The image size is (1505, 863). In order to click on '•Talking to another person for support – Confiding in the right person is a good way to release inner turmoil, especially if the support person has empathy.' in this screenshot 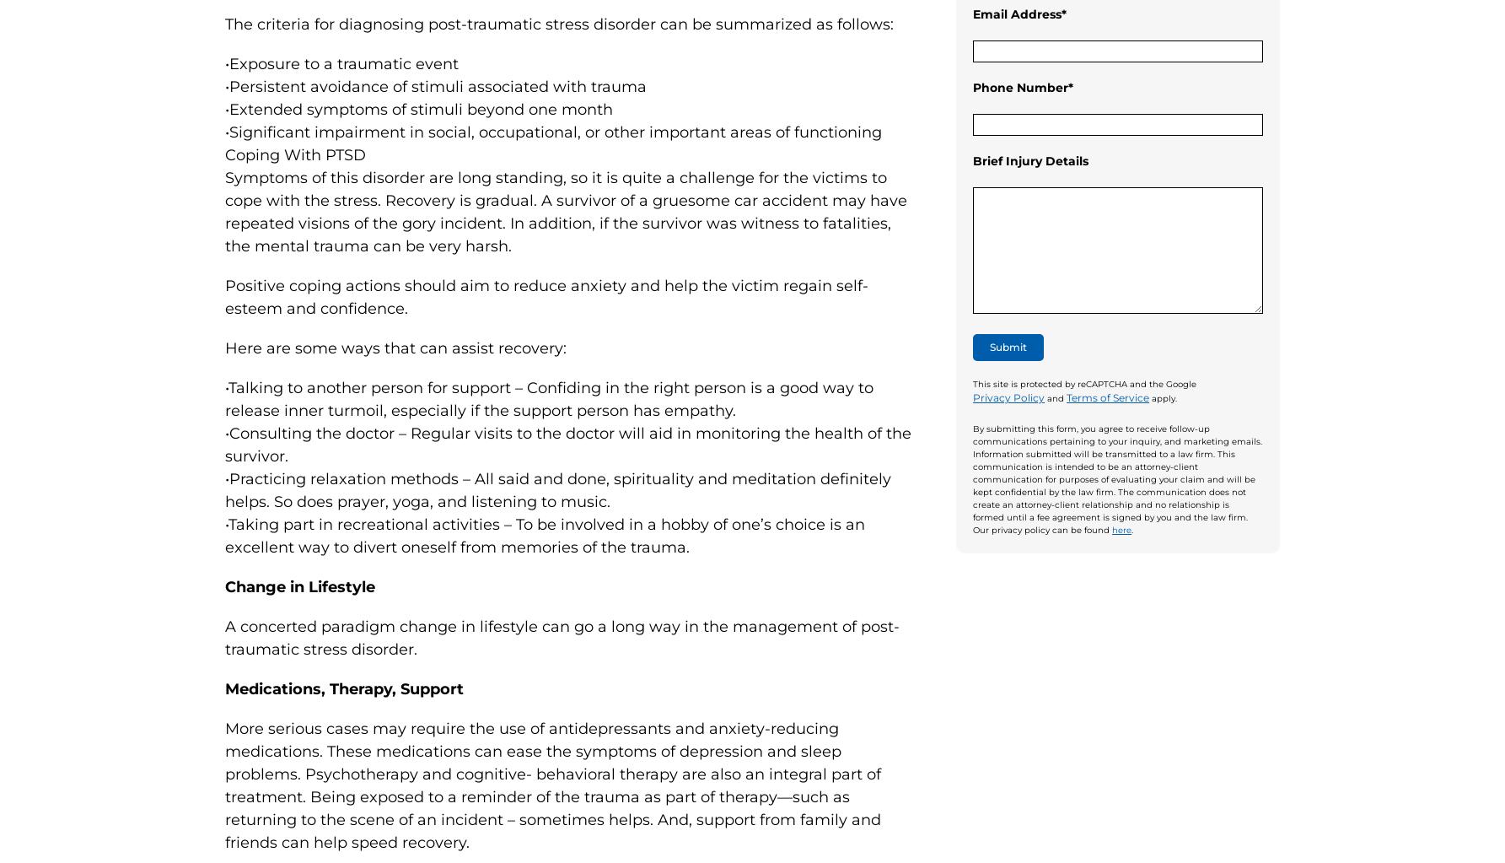, I will do `click(548, 397)`.